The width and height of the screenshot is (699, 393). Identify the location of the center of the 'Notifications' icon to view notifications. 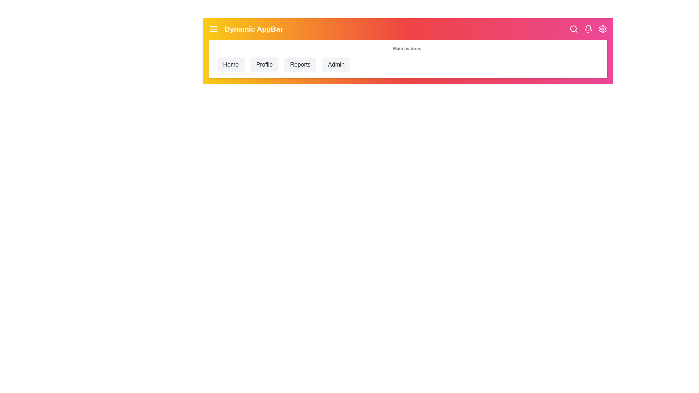
(588, 29).